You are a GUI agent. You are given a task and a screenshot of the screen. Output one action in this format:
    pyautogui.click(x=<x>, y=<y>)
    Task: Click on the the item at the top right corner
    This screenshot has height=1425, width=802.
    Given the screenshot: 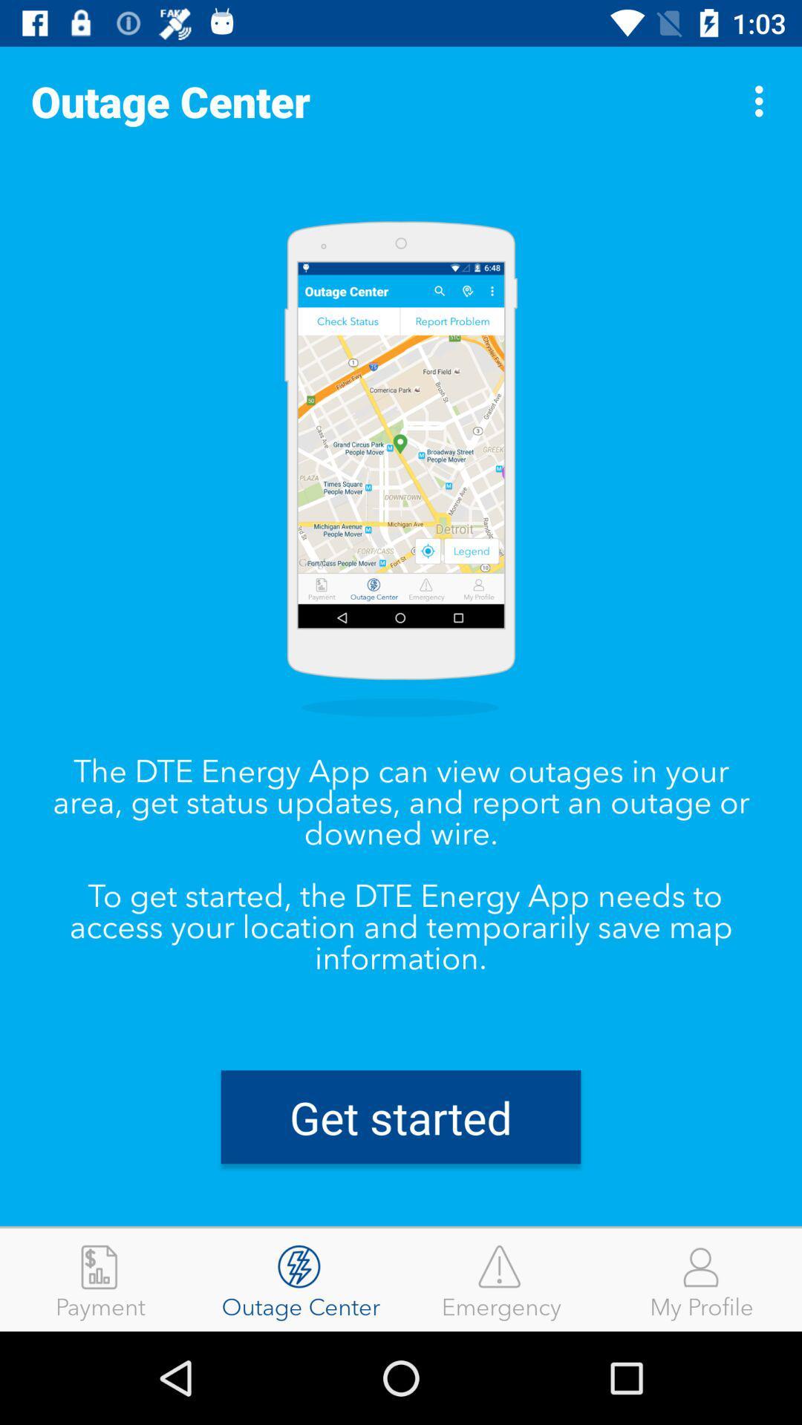 What is the action you would take?
    pyautogui.click(x=763, y=100)
    